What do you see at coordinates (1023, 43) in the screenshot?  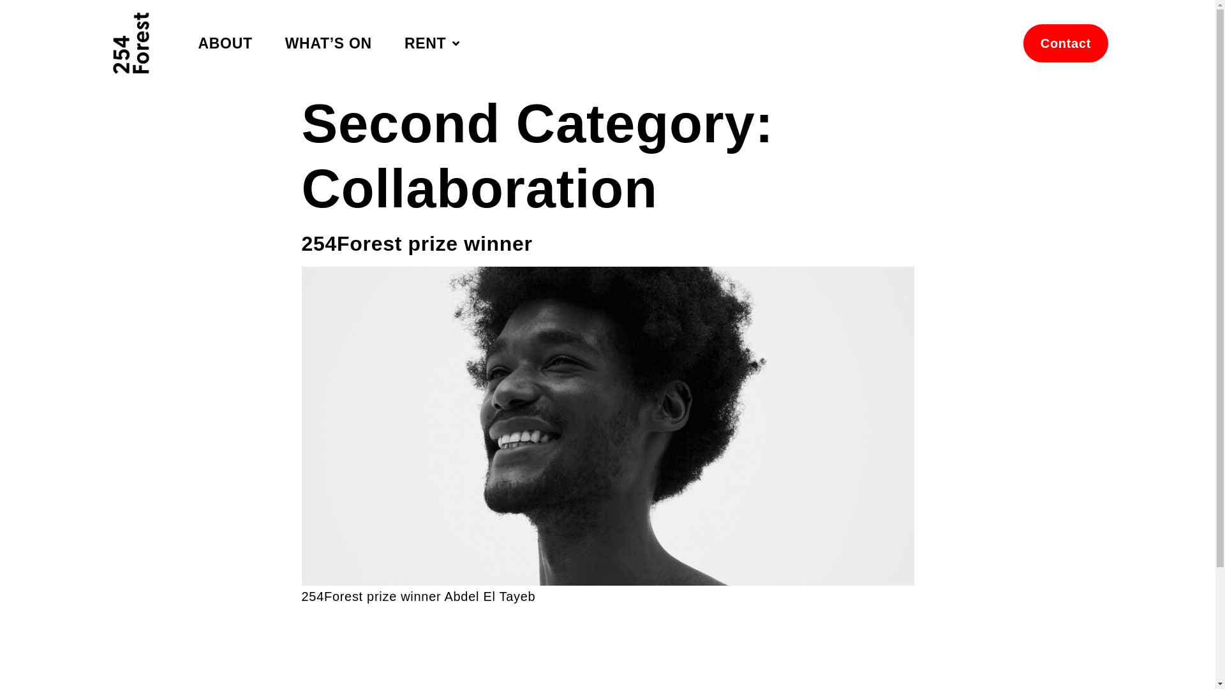 I see `'Contact'` at bounding box center [1023, 43].